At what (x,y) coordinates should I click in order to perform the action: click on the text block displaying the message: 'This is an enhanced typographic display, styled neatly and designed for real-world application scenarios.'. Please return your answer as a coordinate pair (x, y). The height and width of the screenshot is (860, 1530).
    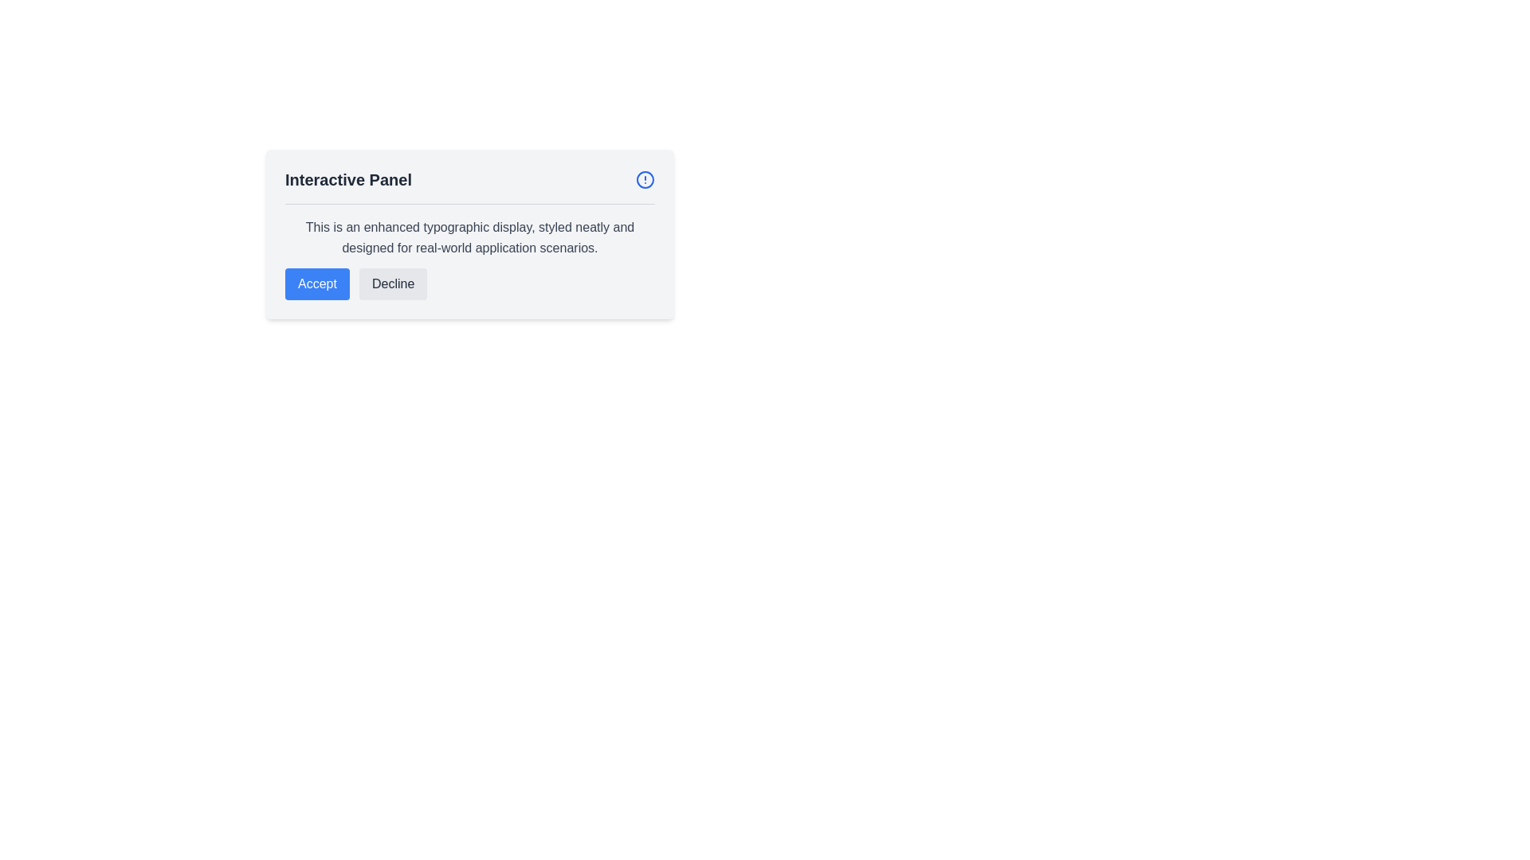
    Looking at the image, I should click on (469, 238).